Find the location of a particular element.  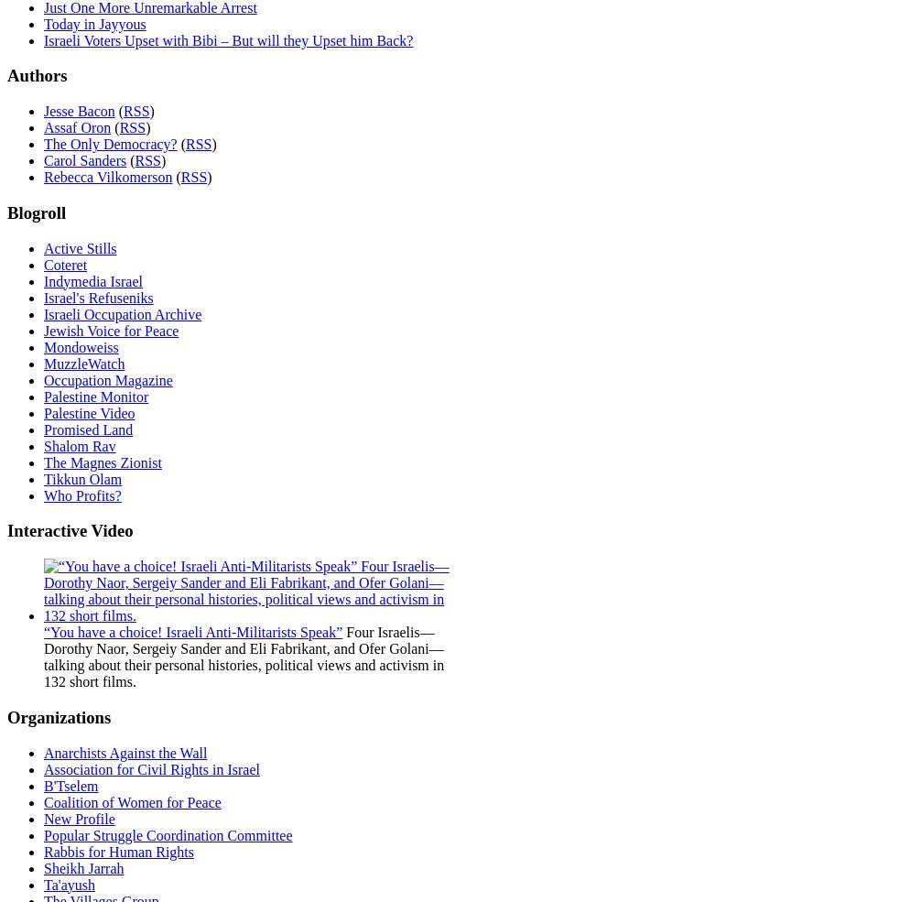

'Coteret' is located at coordinates (43, 263).